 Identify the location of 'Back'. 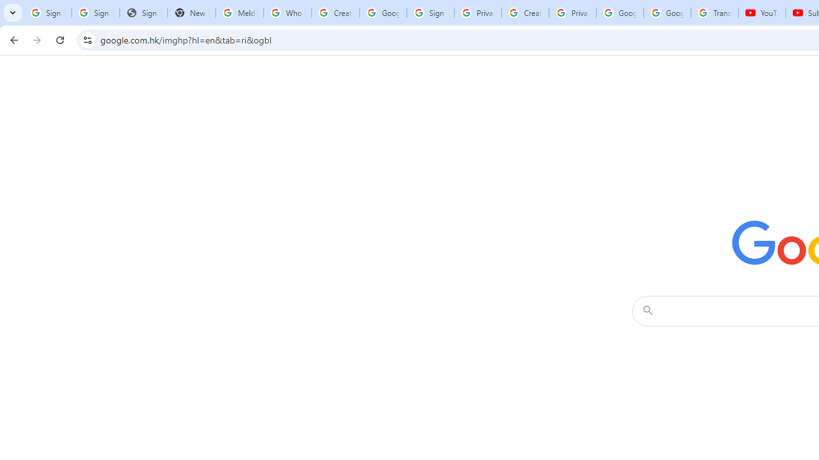
(12, 39).